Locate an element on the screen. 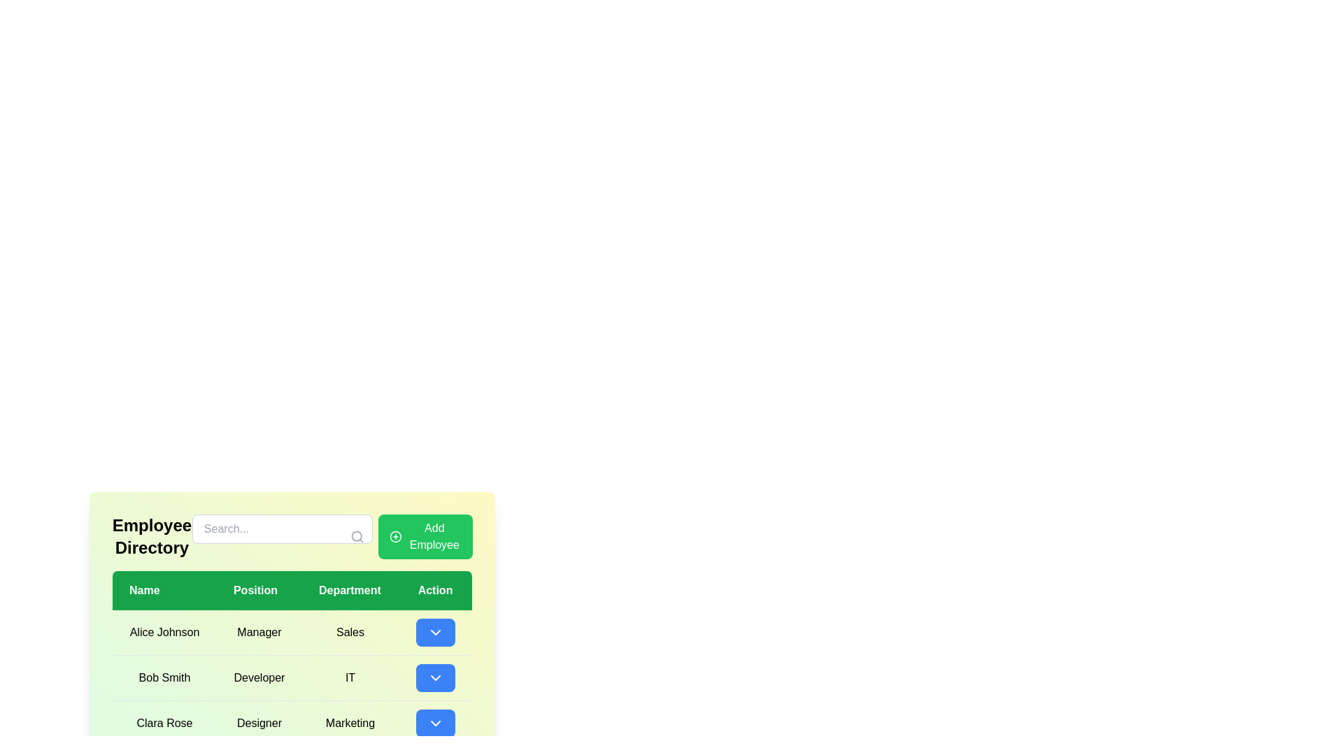 The height and width of the screenshot is (755, 1343). name displayed in the Plain text element located in the second row of the table under the 'Name' column is located at coordinates (164, 677).